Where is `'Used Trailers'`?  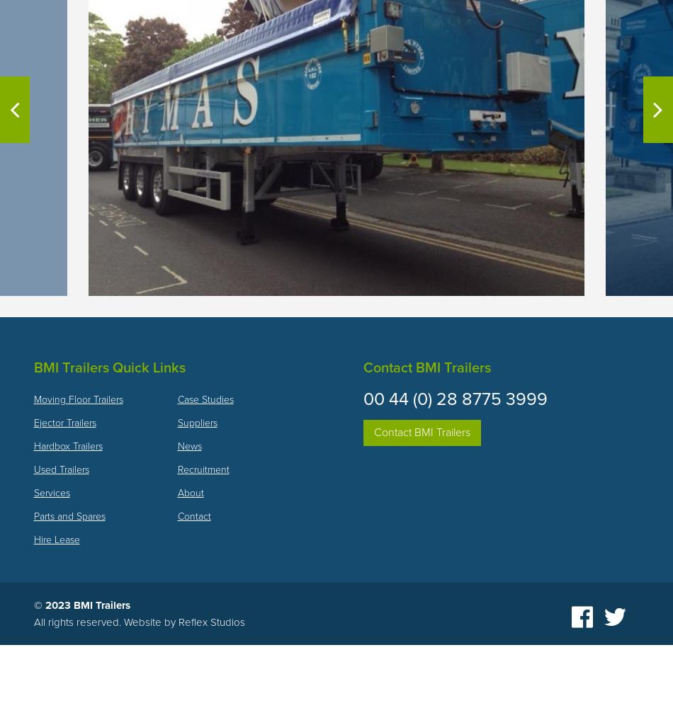
'Used Trailers' is located at coordinates (33, 469).